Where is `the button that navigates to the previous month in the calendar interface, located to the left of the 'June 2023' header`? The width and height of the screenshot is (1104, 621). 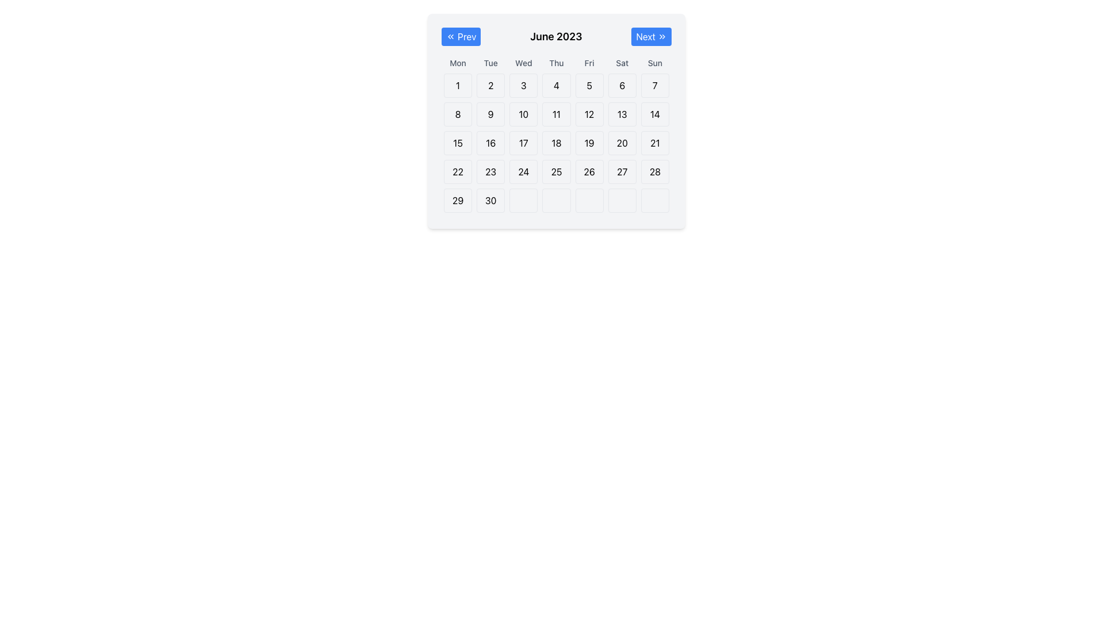
the button that navigates to the previous month in the calendar interface, located to the left of the 'June 2023' header is located at coordinates (461, 36).